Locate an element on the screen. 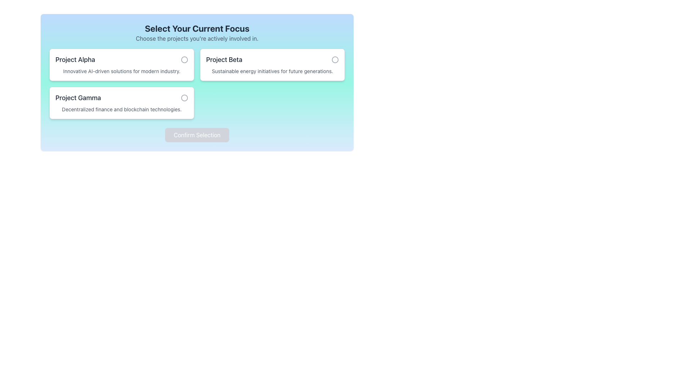  the Selectable Option Card for 'Project Alpha' located in the top-left corner of the grid layout is located at coordinates (121, 65).